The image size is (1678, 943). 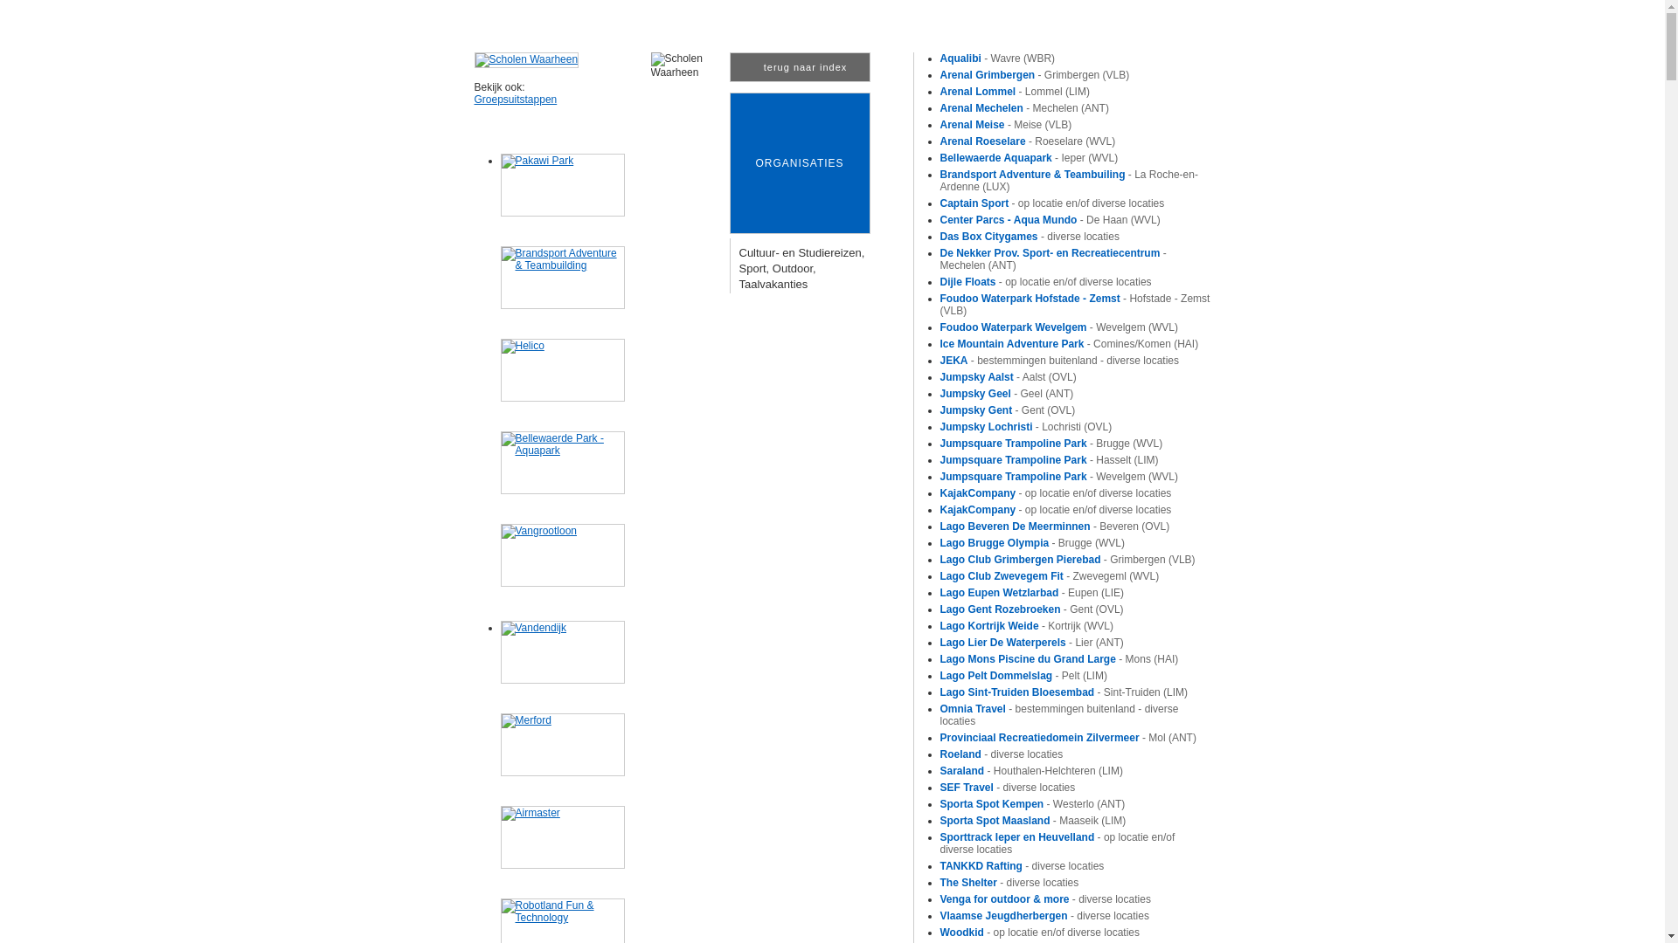 I want to click on 'Lago Kortrijk Weide - Kortrijk (WVL)', so click(x=1027, y=625).